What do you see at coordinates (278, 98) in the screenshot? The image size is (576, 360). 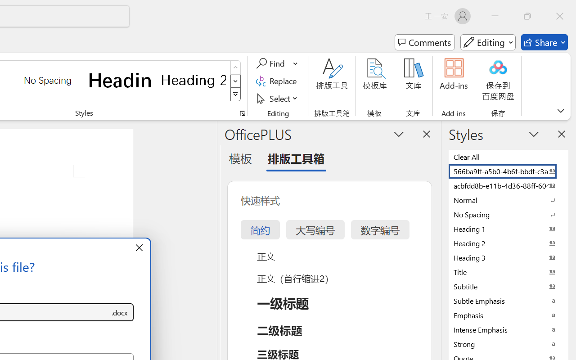 I see `'Select'` at bounding box center [278, 98].